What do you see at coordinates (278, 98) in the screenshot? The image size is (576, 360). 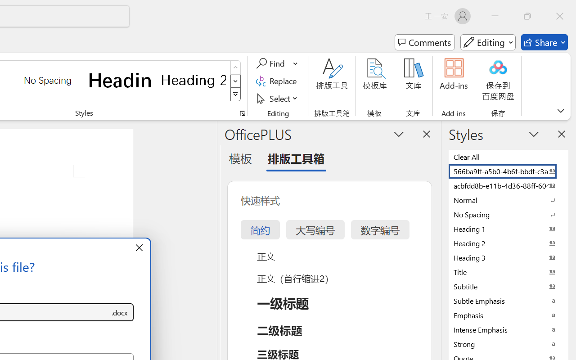 I see `'Select'` at bounding box center [278, 98].